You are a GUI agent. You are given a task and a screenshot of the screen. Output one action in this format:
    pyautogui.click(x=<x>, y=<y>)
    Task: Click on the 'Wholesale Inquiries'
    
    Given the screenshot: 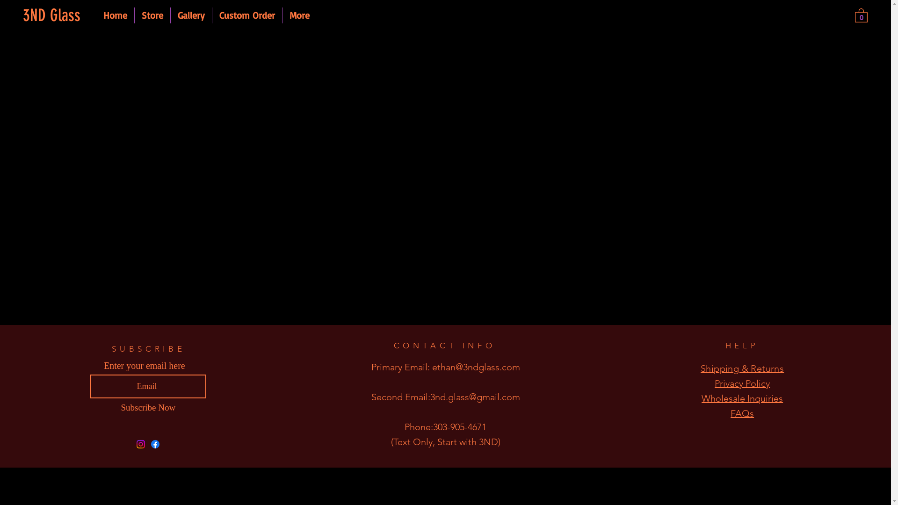 What is the action you would take?
    pyautogui.click(x=742, y=398)
    